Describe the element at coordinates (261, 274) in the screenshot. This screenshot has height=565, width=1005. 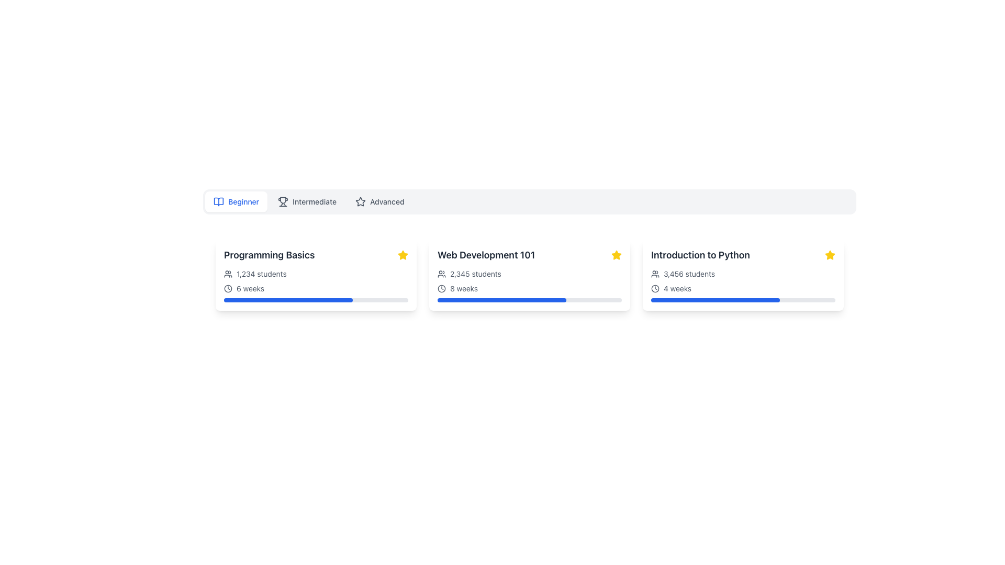
I see `the text label displaying '1,234 students', which is styled in gray and positioned to the right of a user group icon within the same horizontal layout` at that location.